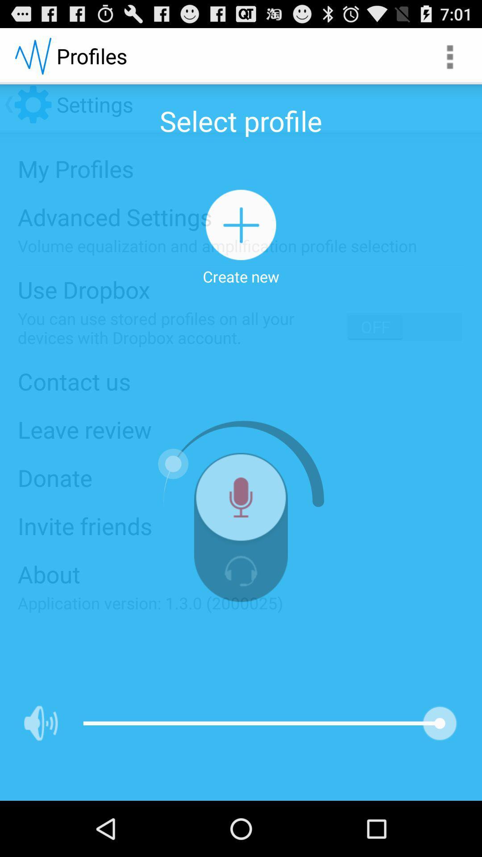  I want to click on record audio, so click(241, 501).